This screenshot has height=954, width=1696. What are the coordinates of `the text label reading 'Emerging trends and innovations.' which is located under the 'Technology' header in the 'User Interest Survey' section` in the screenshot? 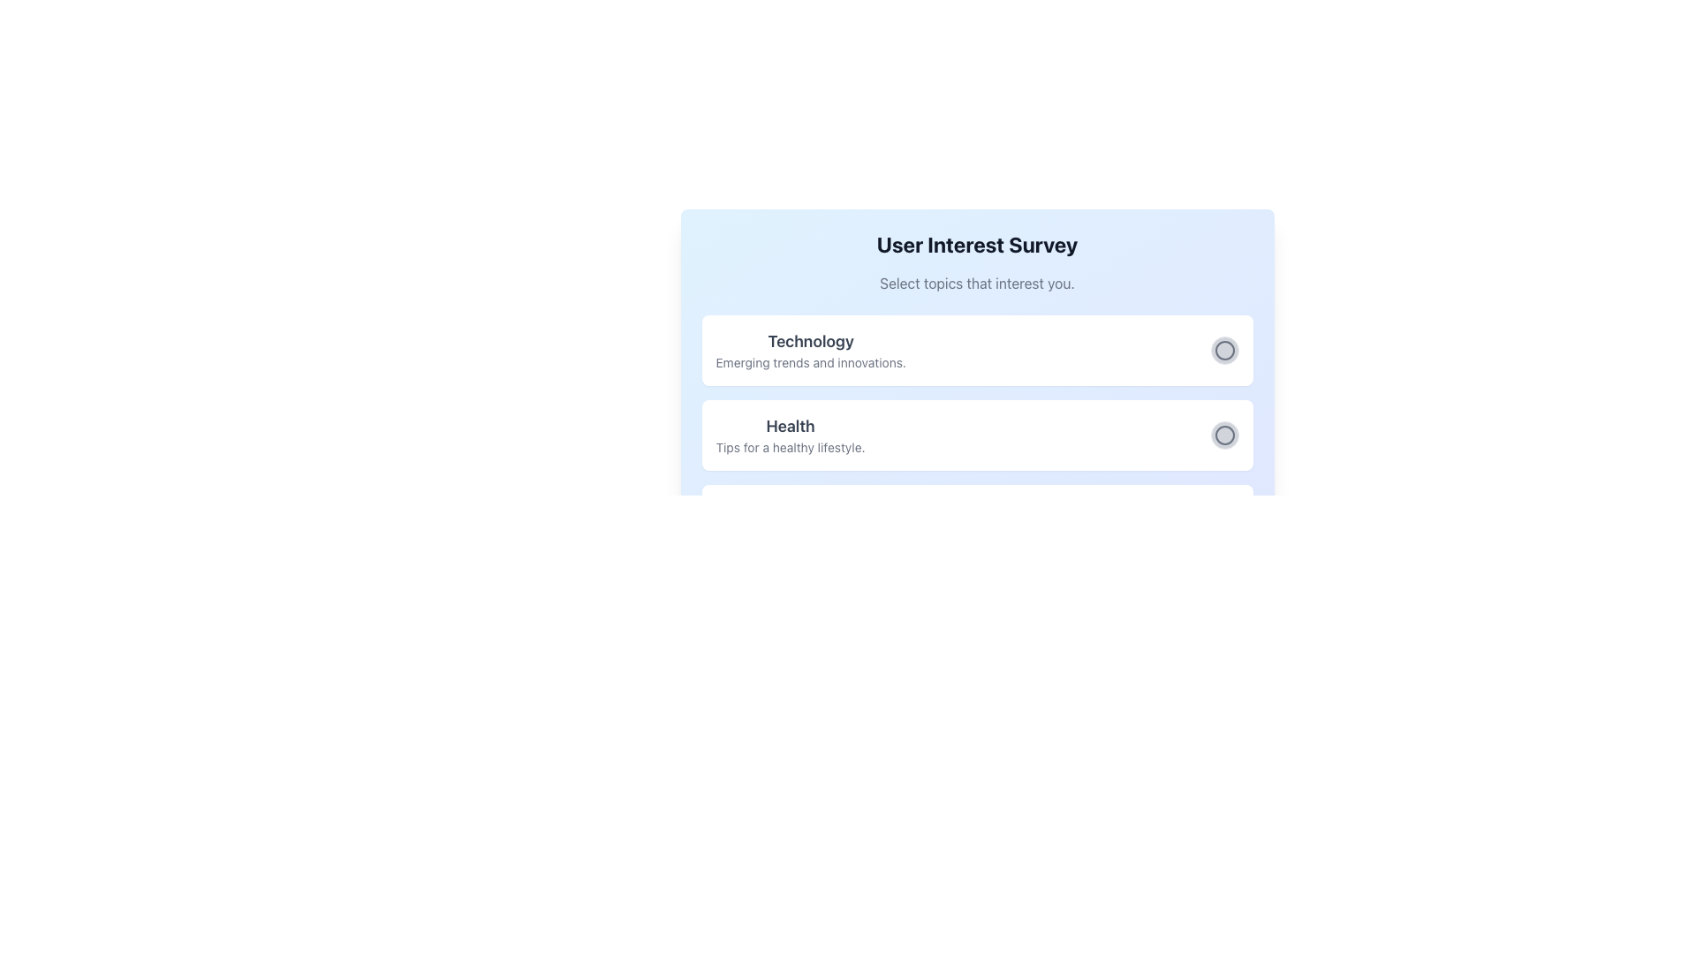 It's located at (810, 362).